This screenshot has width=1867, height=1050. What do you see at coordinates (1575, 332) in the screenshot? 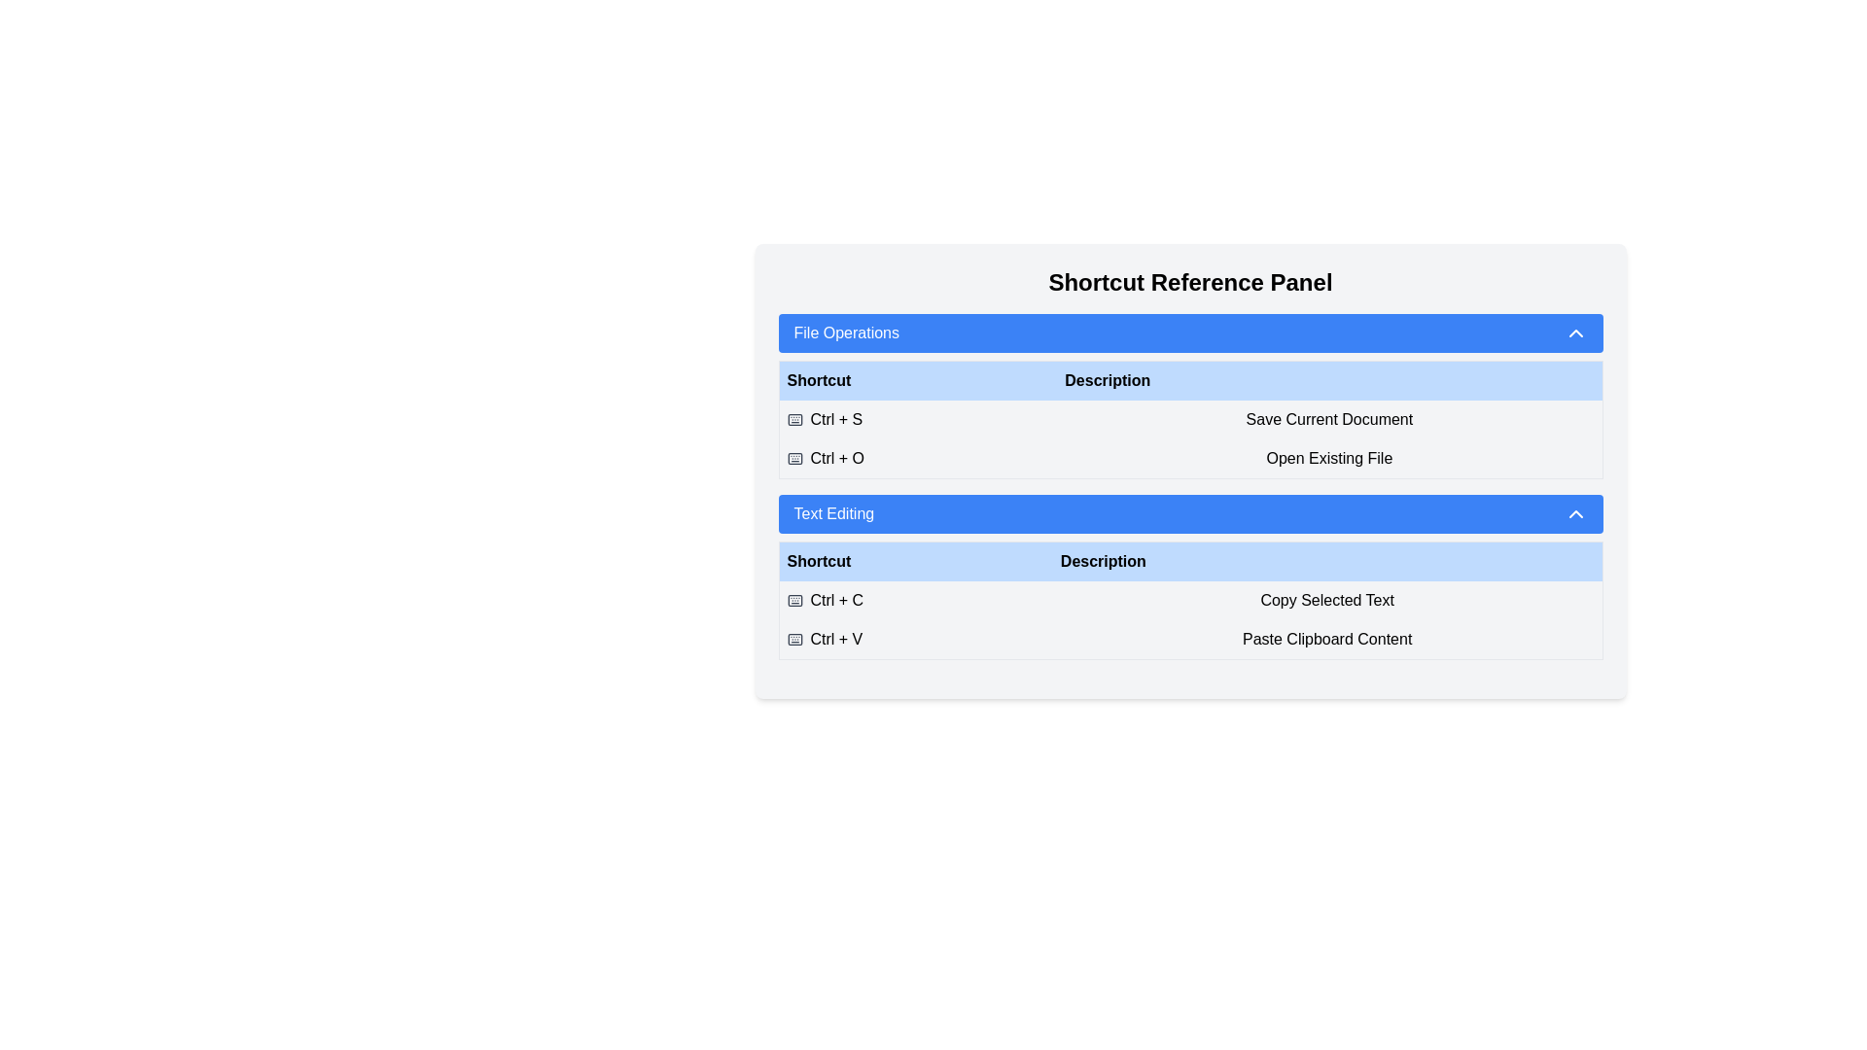
I see `the chevron icon located on the far right of the blue header bar labeled 'File Operations'` at bounding box center [1575, 332].